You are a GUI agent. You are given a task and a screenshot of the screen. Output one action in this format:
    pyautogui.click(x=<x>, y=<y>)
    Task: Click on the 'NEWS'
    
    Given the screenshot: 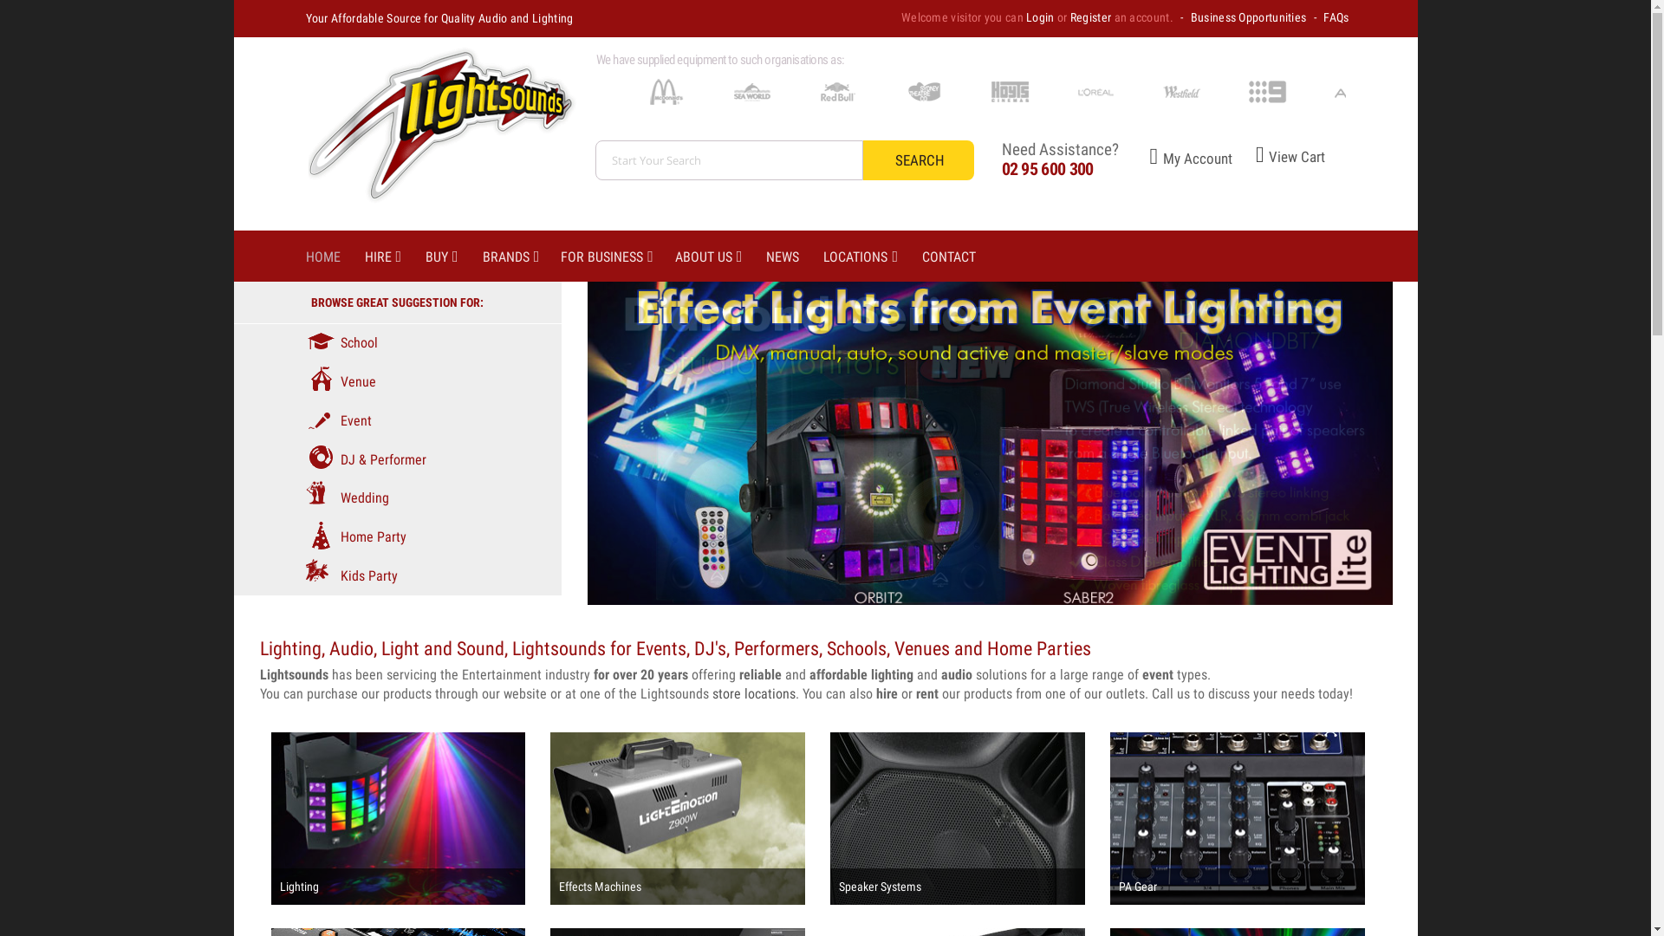 What is the action you would take?
    pyautogui.click(x=764, y=257)
    